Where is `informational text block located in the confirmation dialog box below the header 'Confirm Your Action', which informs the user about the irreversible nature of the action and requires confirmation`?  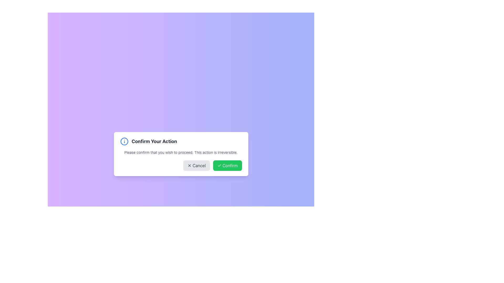
informational text block located in the confirmation dialog box below the header 'Confirm Your Action', which informs the user about the irreversible nature of the action and requires confirmation is located at coordinates (181, 153).